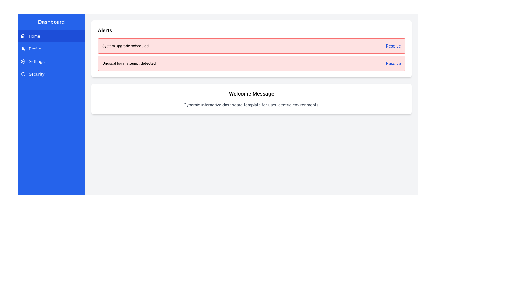 The image size is (506, 285). Describe the element at coordinates (251, 105) in the screenshot. I see `the static text label that provides additional information about the dashboard's purpose, located directly underneath the 'Welcome Message' heading` at that location.